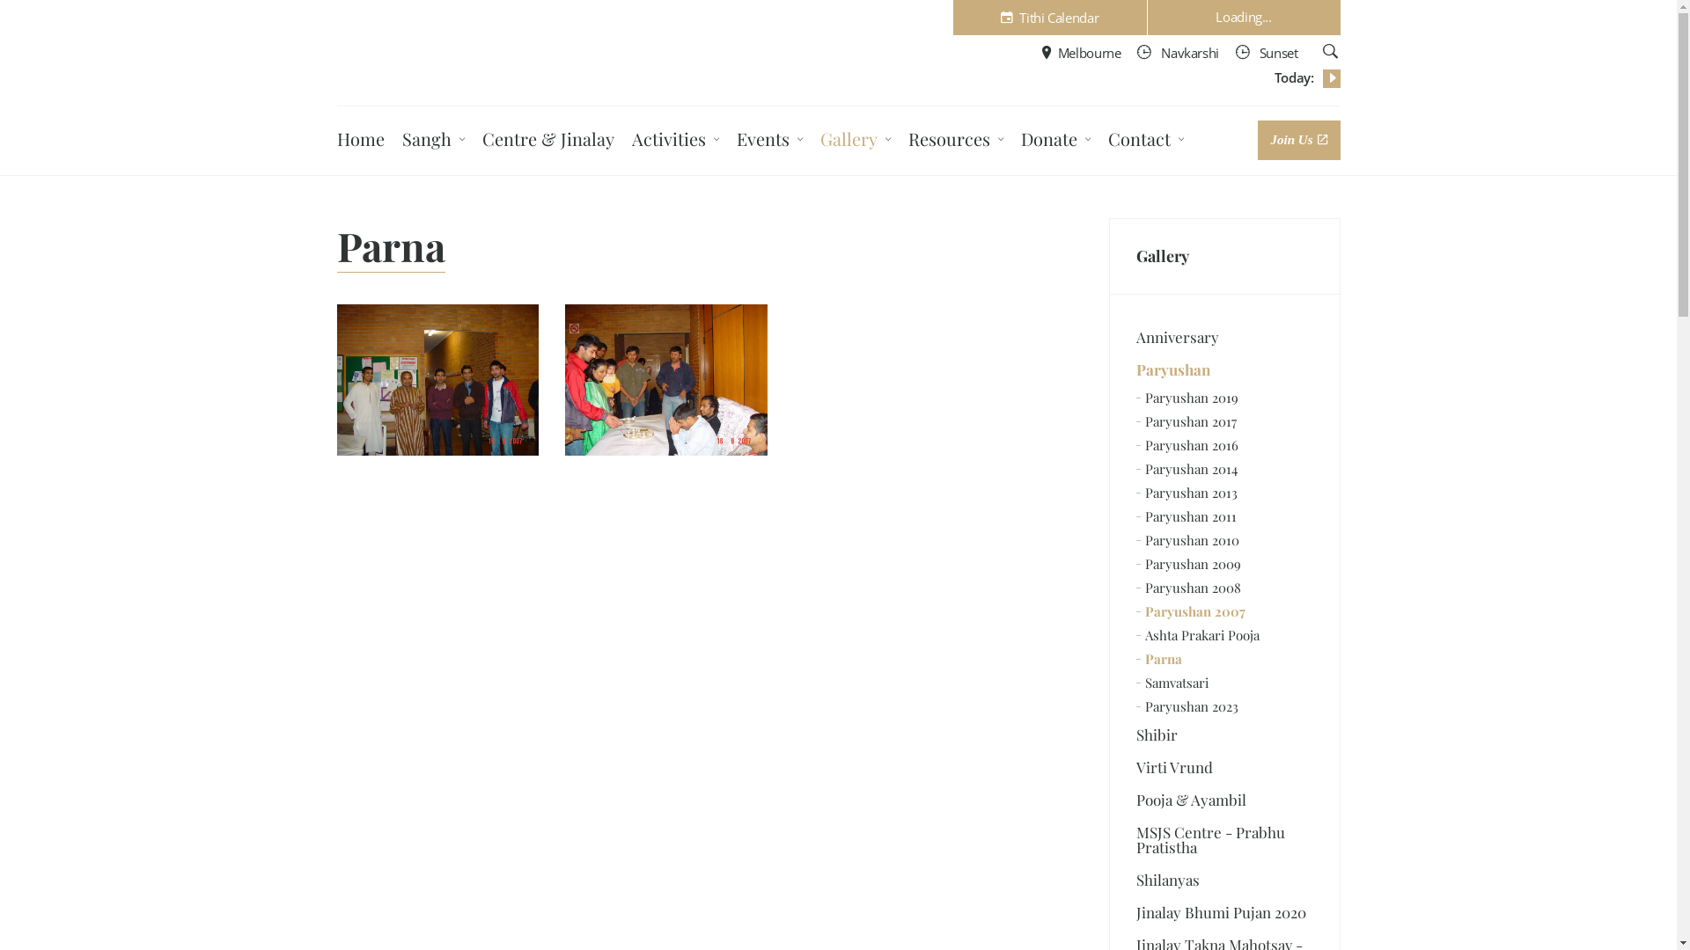 Image resolution: width=1690 pixels, height=950 pixels. I want to click on 'MSJS Centre - Prabhu Pratistha', so click(1223, 839).